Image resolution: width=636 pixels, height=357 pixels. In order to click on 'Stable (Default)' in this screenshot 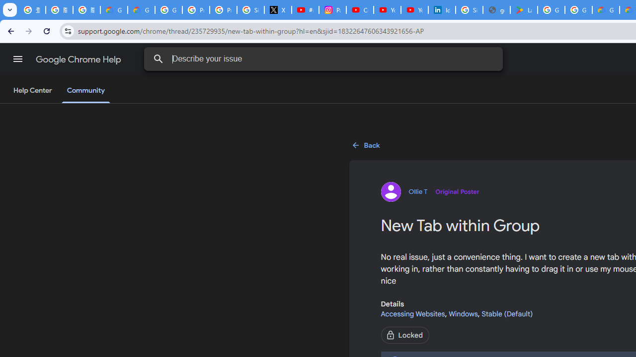, I will do `click(507, 313)`.